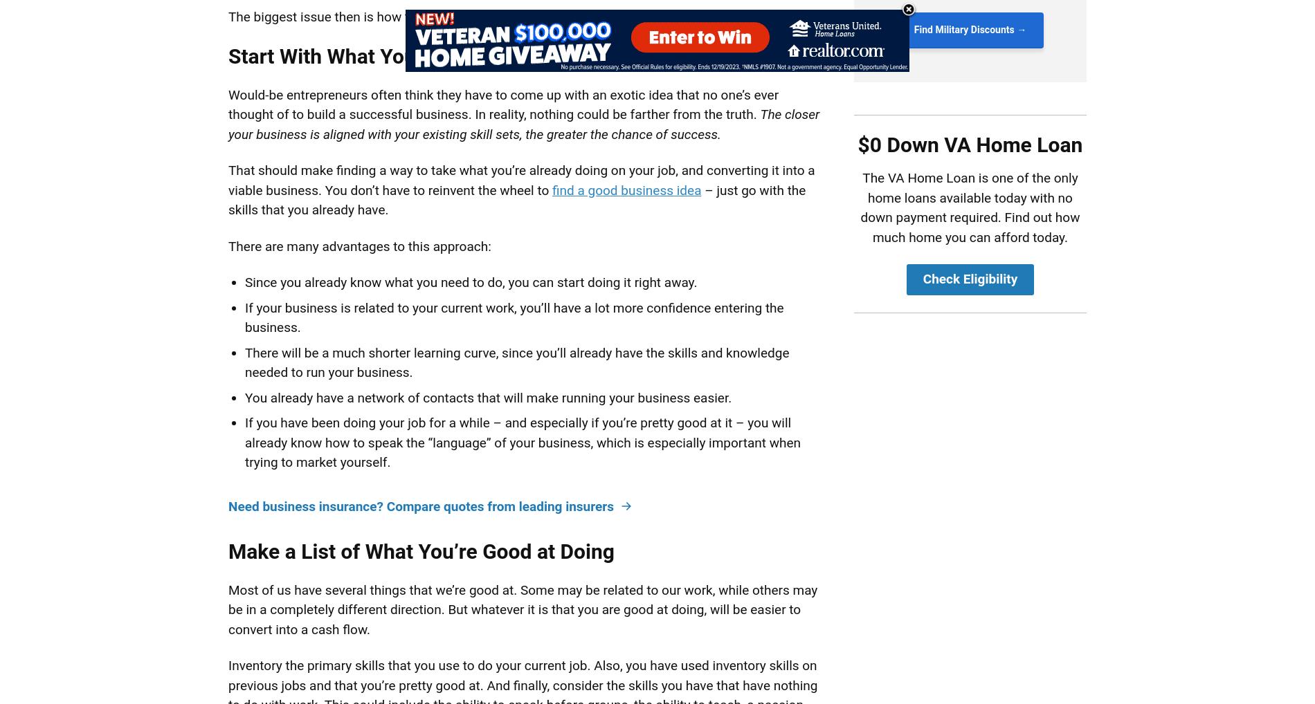  What do you see at coordinates (626, 189) in the screenshot?
I see `'find a good business idea'` at bounding box center [626, 189].